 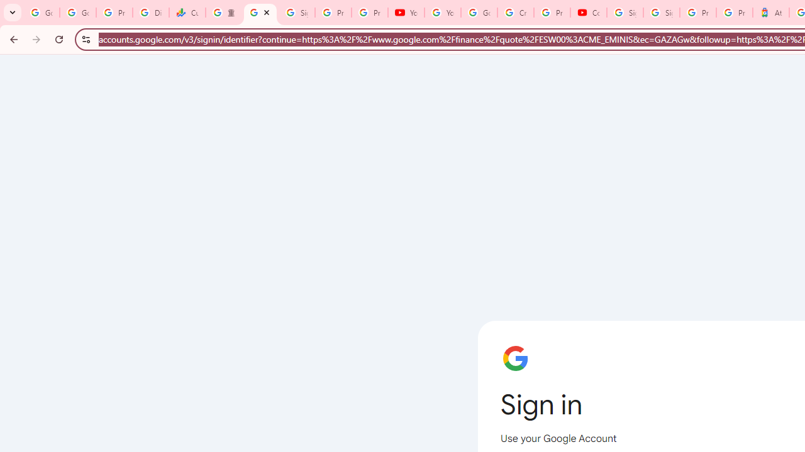 I want to click on 'Sign in - Google Accounts', so click(x=661, y=13).